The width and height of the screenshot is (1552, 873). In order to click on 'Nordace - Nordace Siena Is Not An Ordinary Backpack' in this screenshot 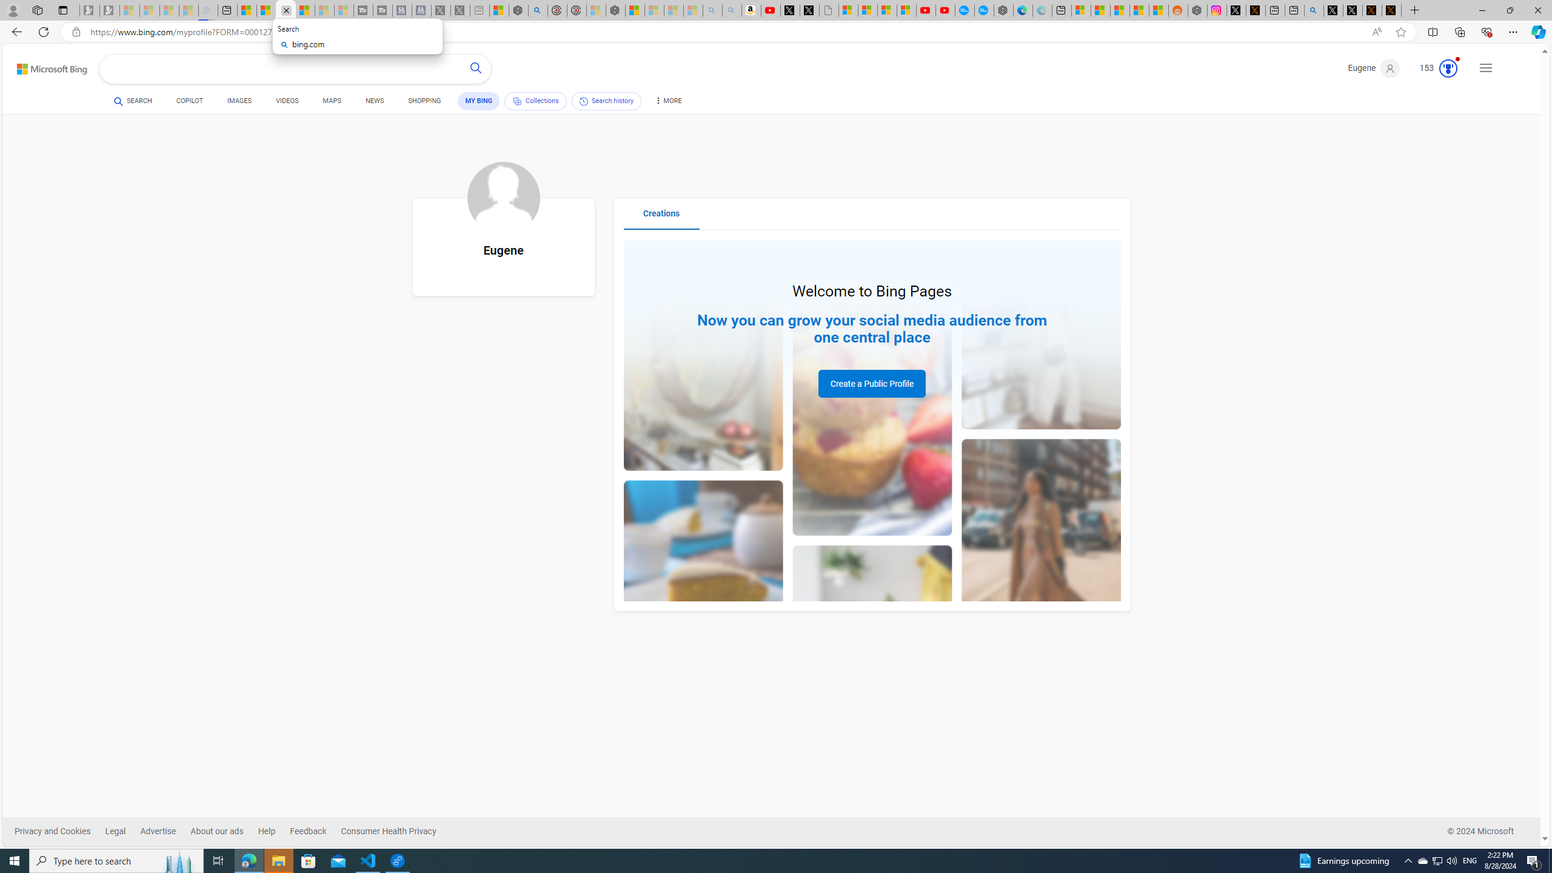, I will do `click(615, 10)`.